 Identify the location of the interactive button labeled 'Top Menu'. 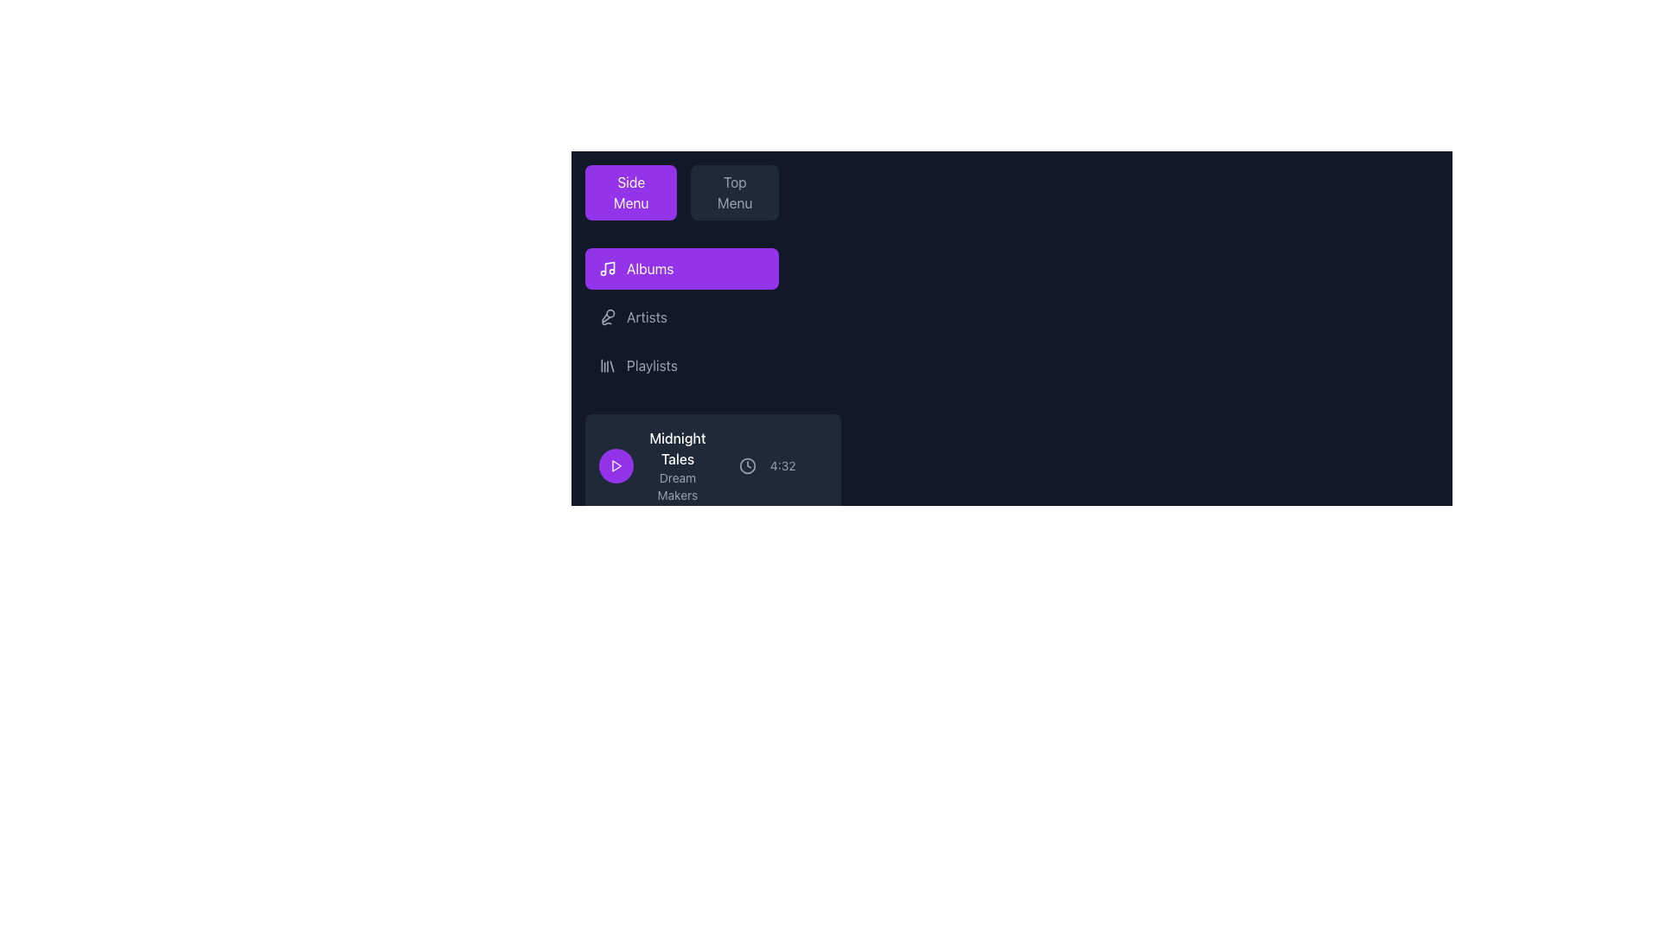
(735, 193).